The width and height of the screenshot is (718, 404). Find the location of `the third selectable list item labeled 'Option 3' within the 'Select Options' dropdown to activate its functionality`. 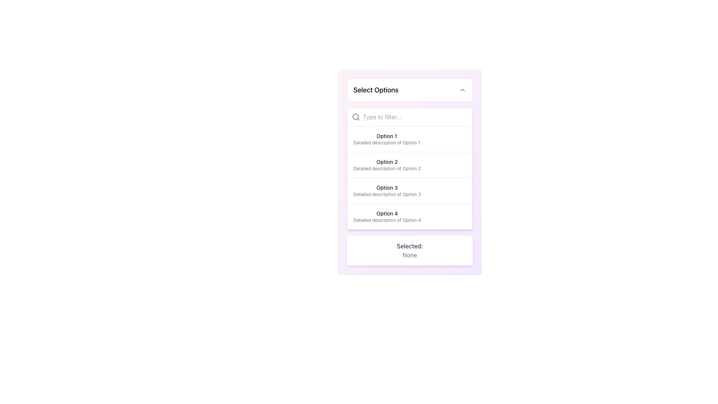

the third selectable list item labeled 'Option 3' within the 'Select Options' dropdown to activate its functionality is located at coordinates (409, 190).